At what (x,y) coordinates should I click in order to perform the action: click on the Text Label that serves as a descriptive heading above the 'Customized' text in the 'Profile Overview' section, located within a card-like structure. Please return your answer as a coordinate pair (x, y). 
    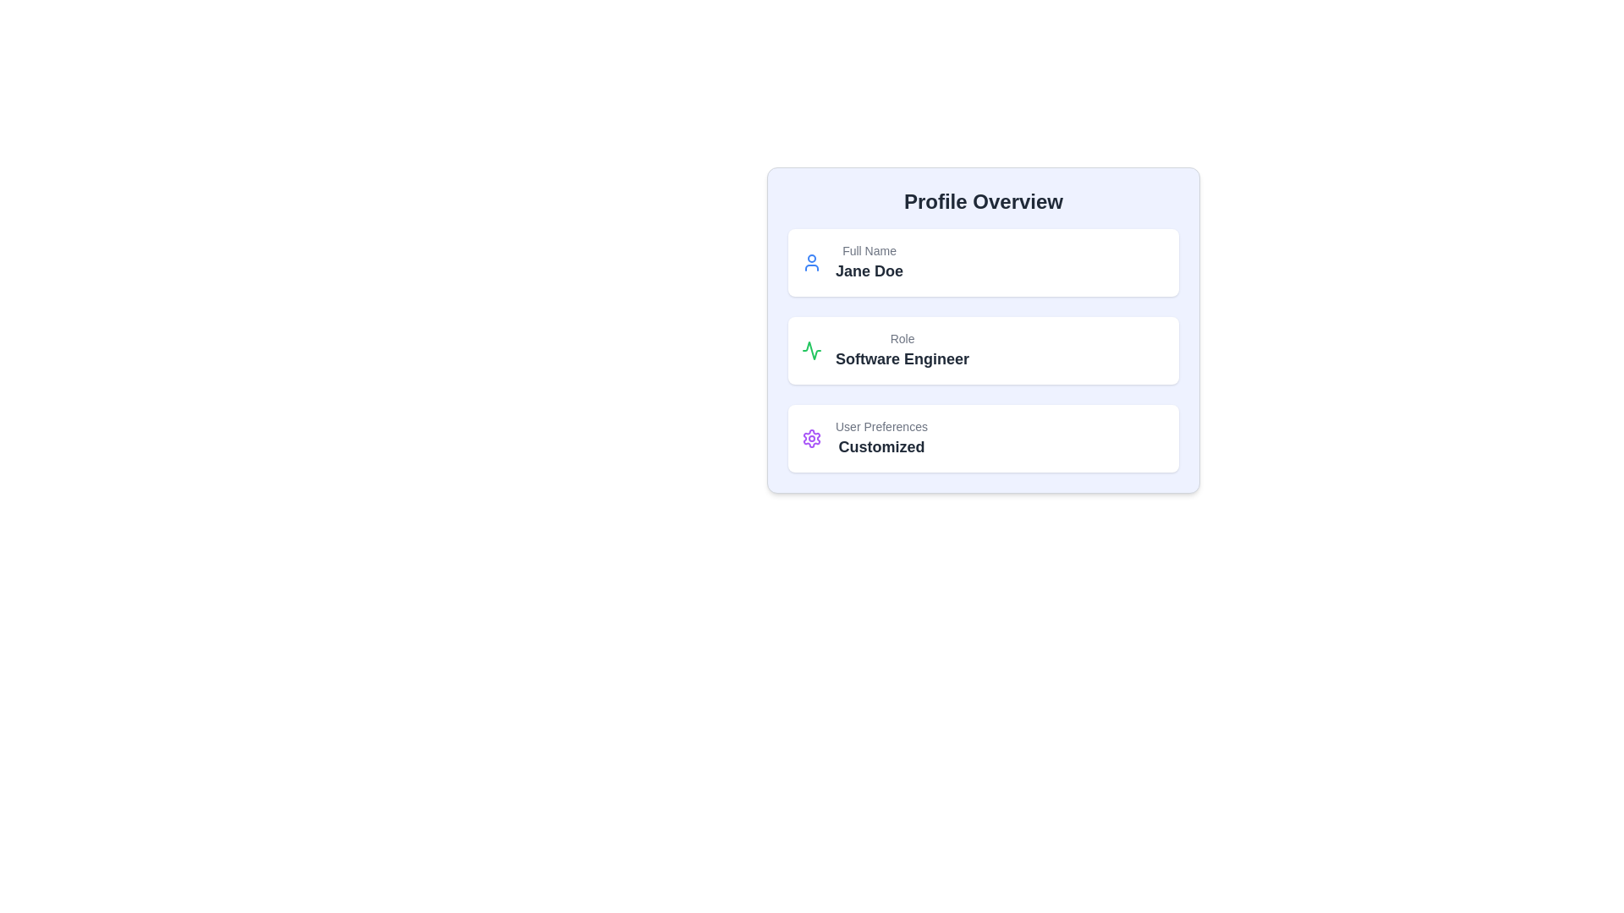
    Looking at the image, I should click on (881, 426).